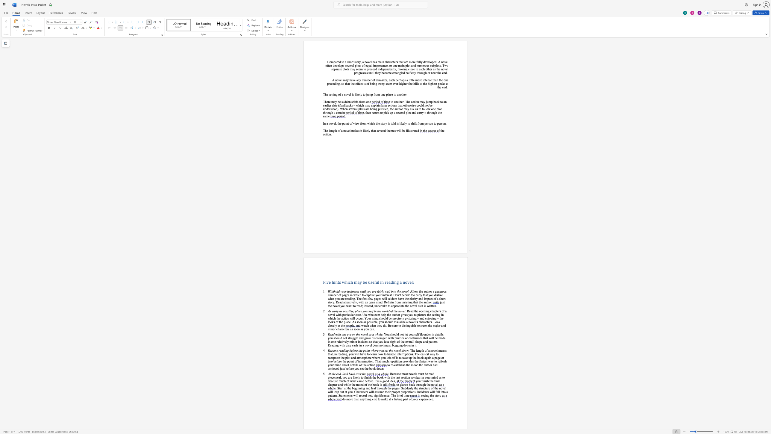 This screenshot has width=771, height=434. What do you see at coordinates (358, 83) in the screenshot?
I see `the space between the continuous character "f" and "f" in the text` at bounding box center [358, 83].